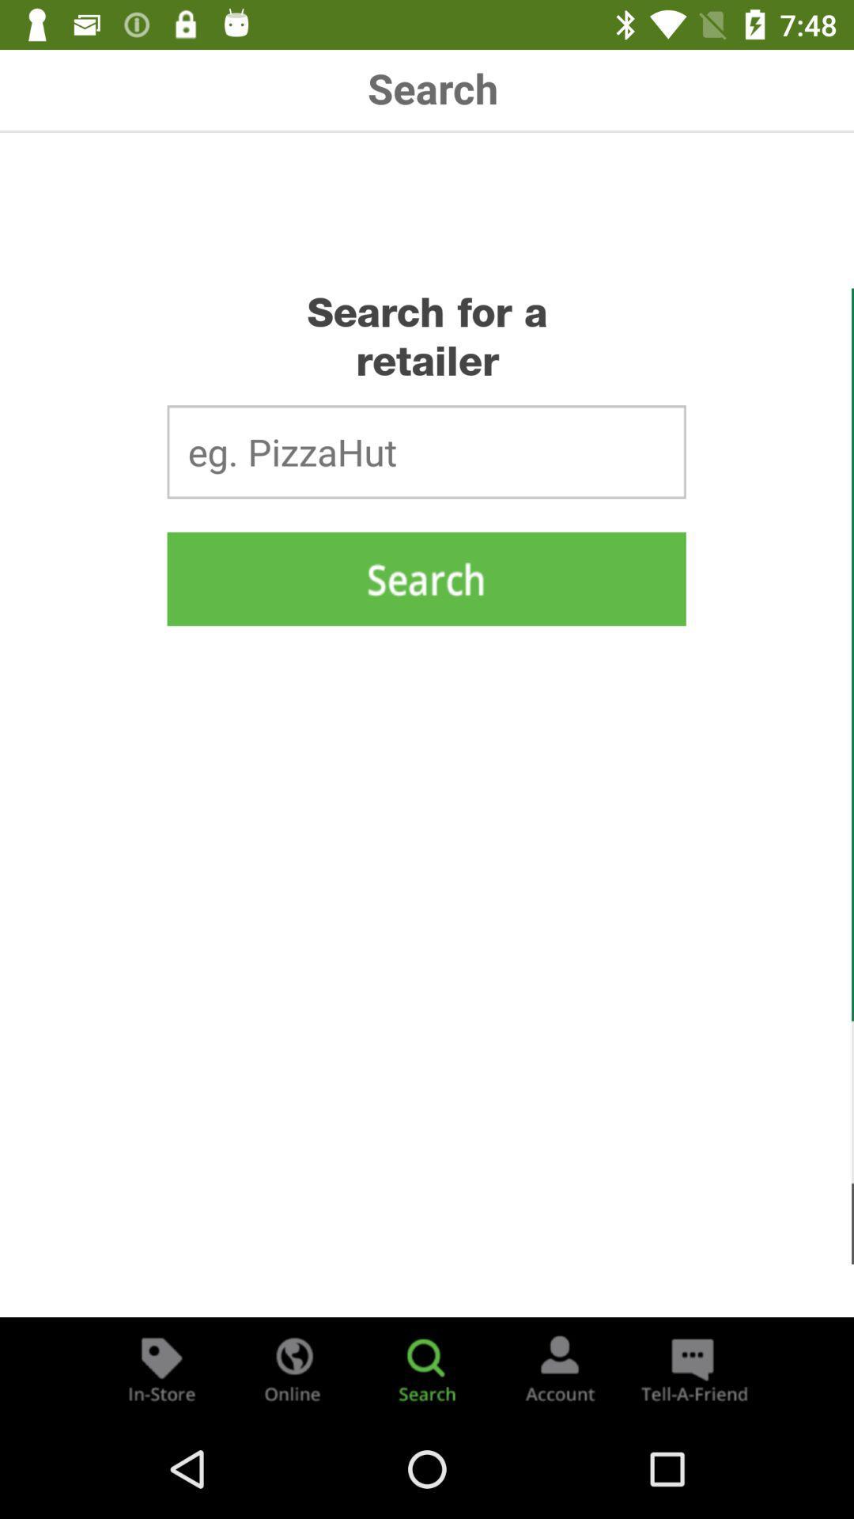 This screenshot has height=1519, width=854. What do you see at coordinates (161, 1367) in the screenshot?
I see `the label icon` at bounding box center [161, 1367].